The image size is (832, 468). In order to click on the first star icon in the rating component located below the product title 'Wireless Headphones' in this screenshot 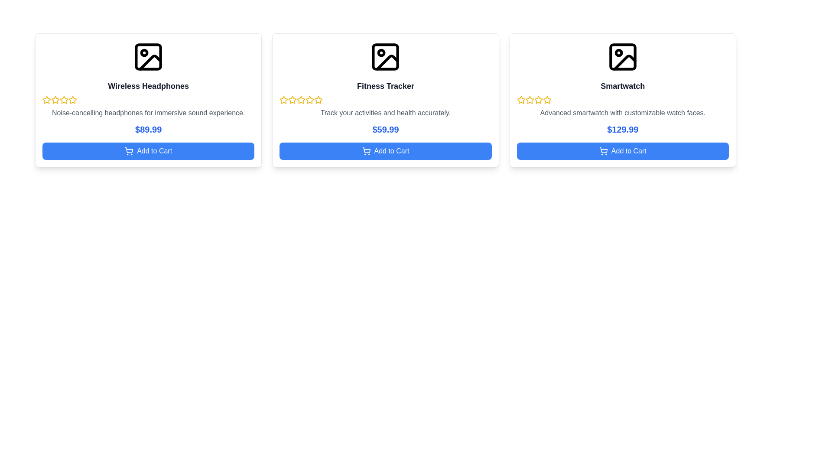, I will do `click(55, 99)`.